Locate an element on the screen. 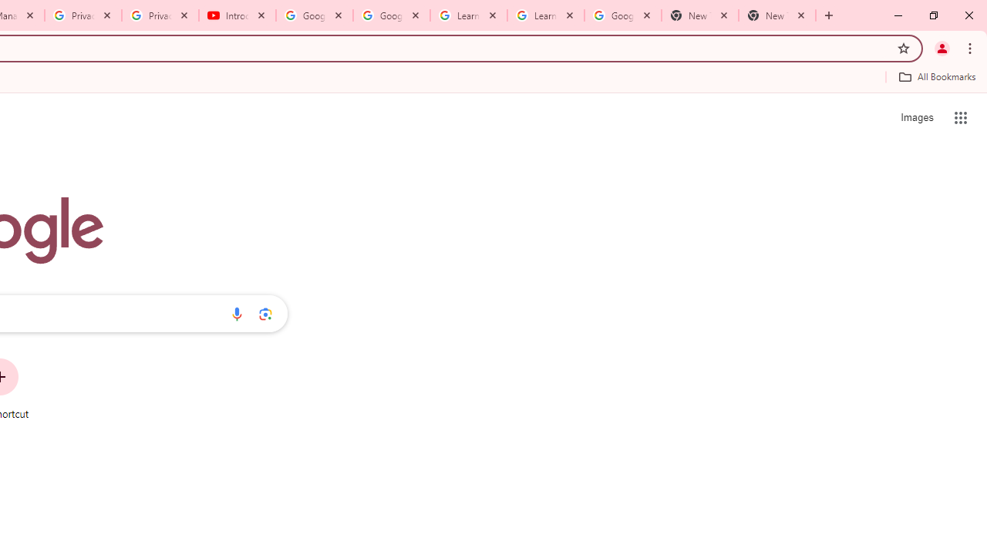 This screenshot has width=987, height=555. 'New Tab' is located at coordinates (777, 15).